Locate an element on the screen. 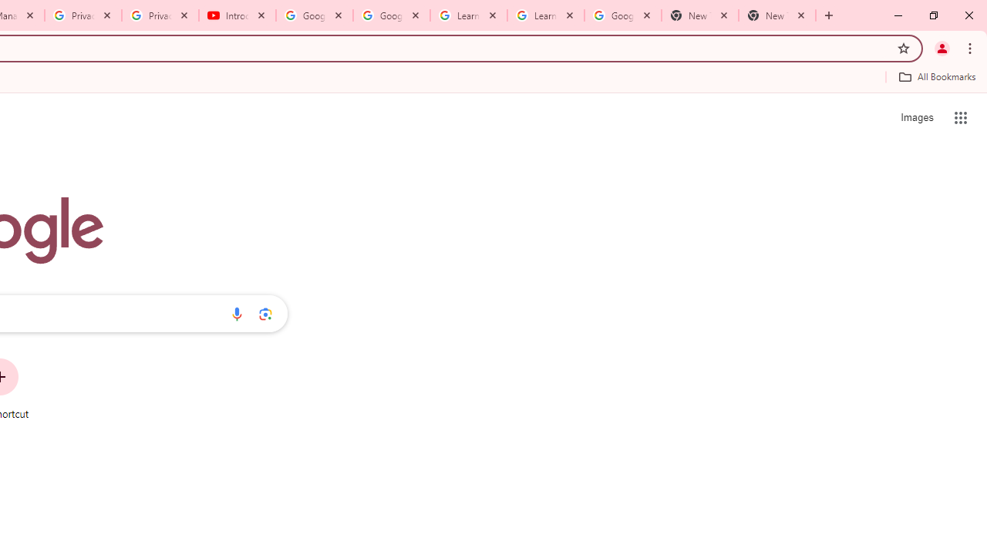 This screenshot has width=987, height=555. 'New Tab' is located at coordinates (777, 15).